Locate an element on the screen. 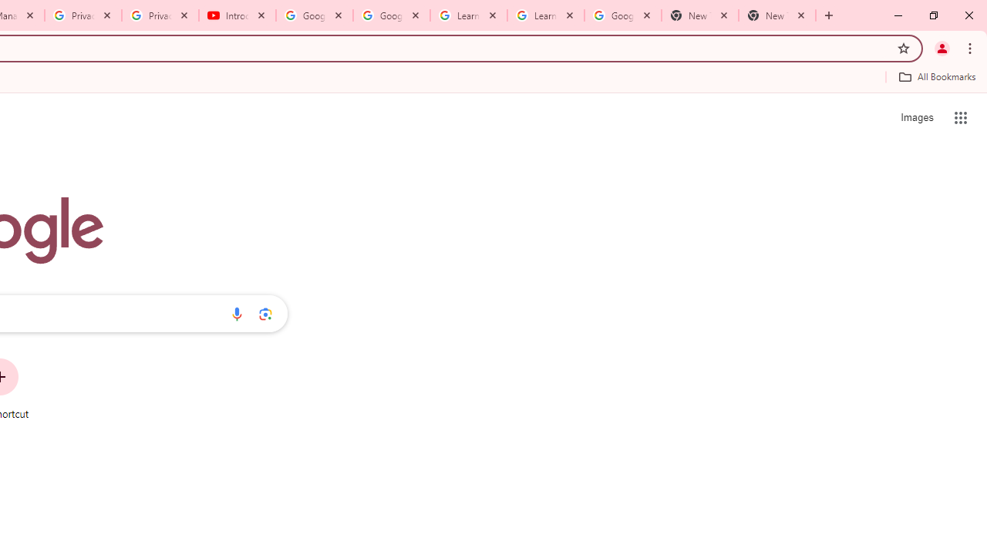 This screenshot has width=987, height=555. 'New Tab' is located at coordinates (777, 15).